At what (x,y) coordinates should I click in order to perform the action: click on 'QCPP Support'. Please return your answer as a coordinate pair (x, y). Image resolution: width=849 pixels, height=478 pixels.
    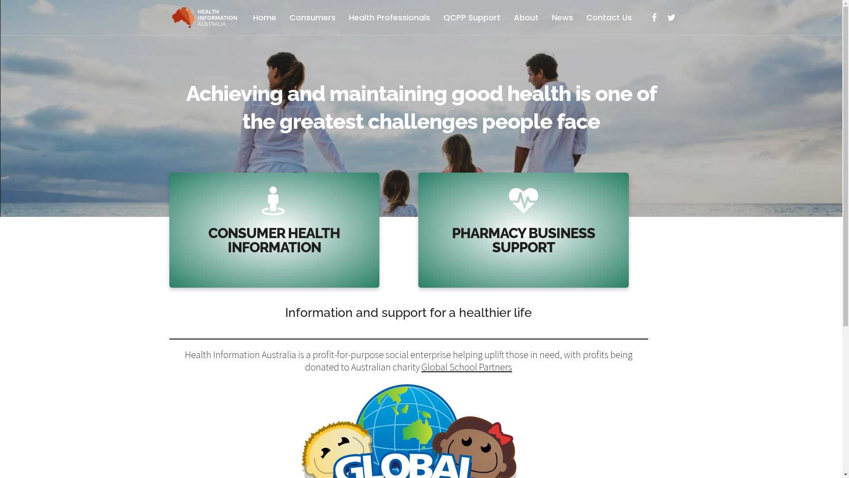
    Looking at the image, I should click on (471, 17).